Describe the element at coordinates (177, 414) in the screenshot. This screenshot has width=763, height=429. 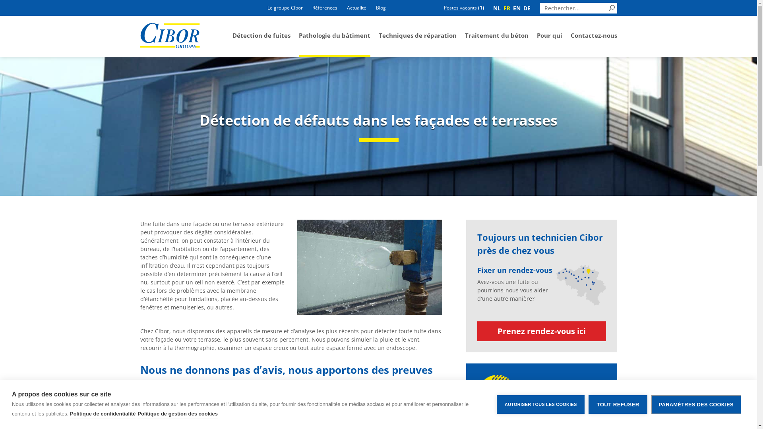
I see `'Politique de gestion des cookies'` at that location.